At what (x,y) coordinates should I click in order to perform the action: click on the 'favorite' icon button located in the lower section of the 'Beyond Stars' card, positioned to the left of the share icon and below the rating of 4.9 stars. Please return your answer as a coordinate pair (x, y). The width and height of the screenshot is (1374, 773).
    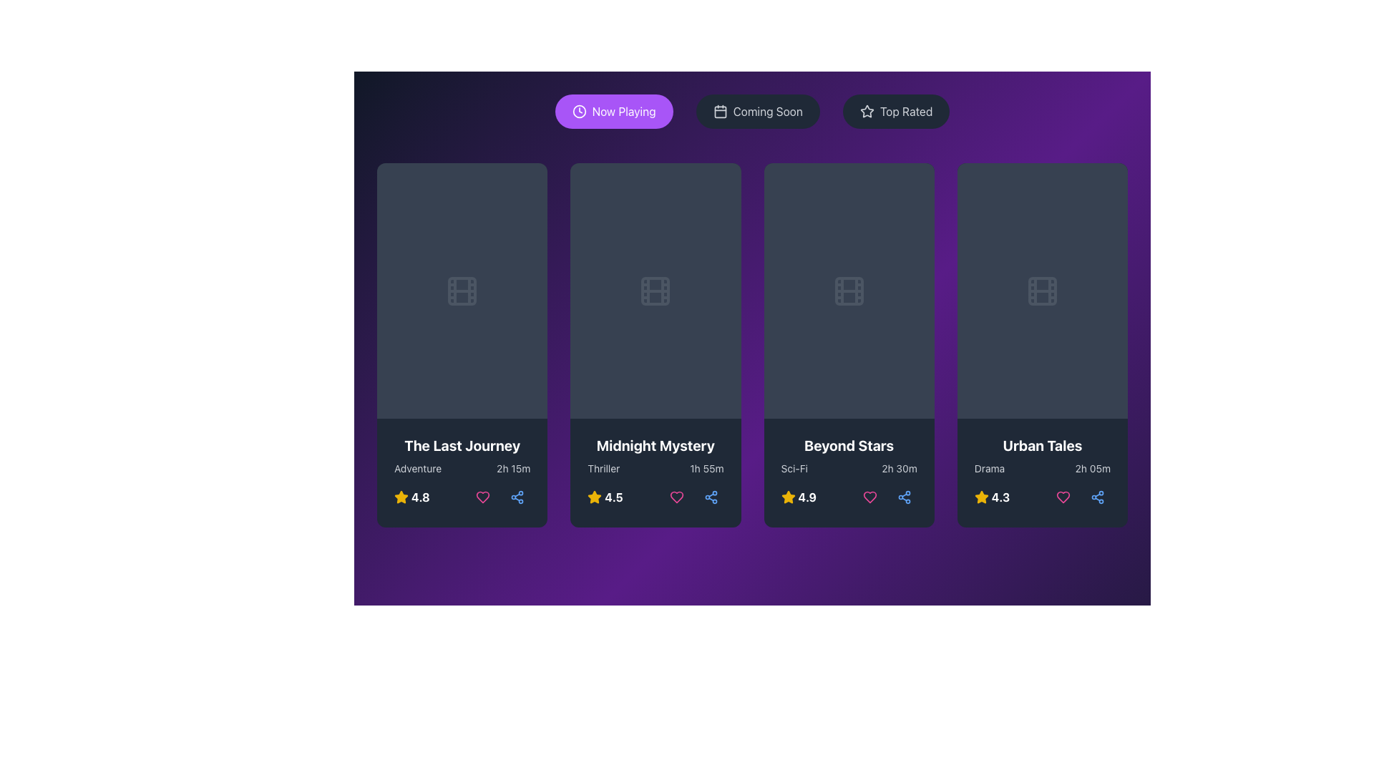
    Looking at the image, I should click on (869, 497).